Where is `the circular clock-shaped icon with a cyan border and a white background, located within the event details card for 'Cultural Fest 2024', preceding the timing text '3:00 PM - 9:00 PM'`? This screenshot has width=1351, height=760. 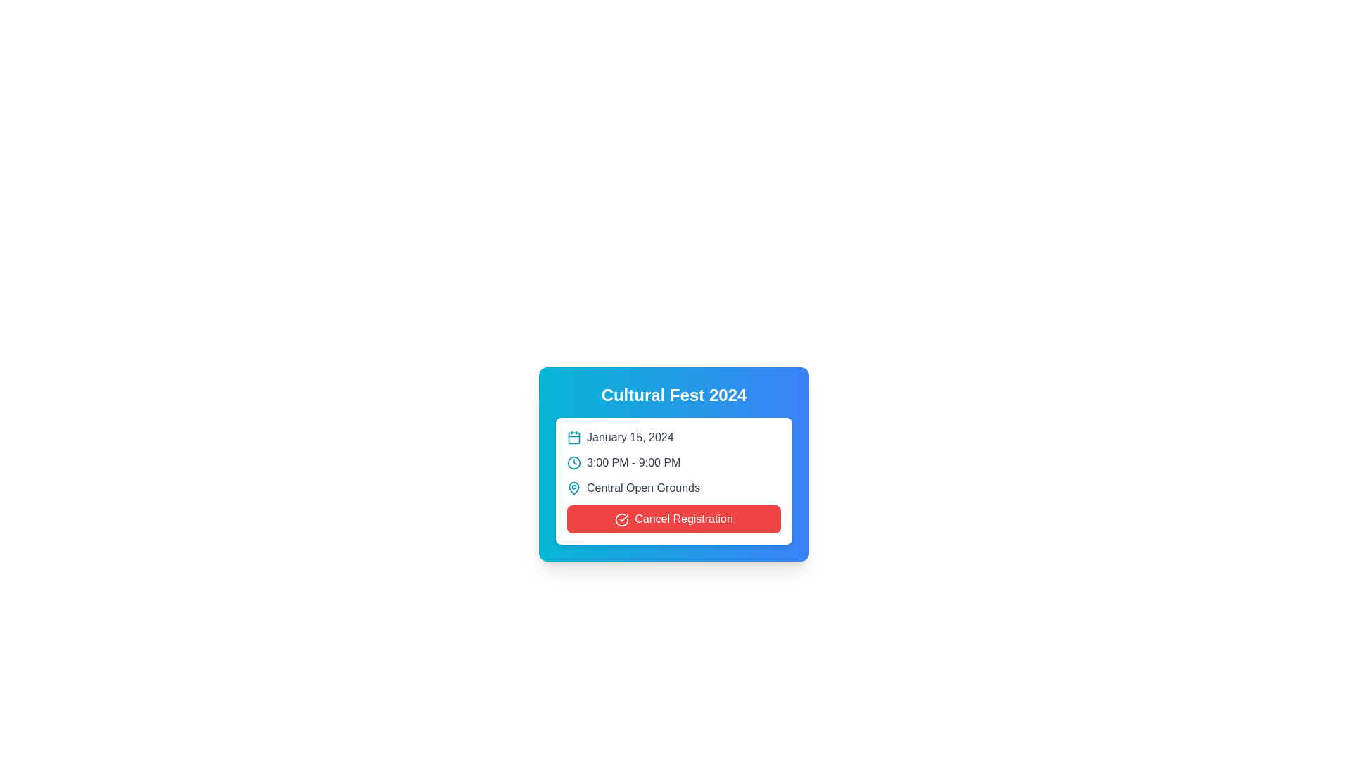
the circular clock-shaped icon with a cyan border and a white background, located within the event details card for 'Cultural Fest 2024', preceding the timing text '3:00 PM - 9:00 PM' is located at coordinates (574, 463).